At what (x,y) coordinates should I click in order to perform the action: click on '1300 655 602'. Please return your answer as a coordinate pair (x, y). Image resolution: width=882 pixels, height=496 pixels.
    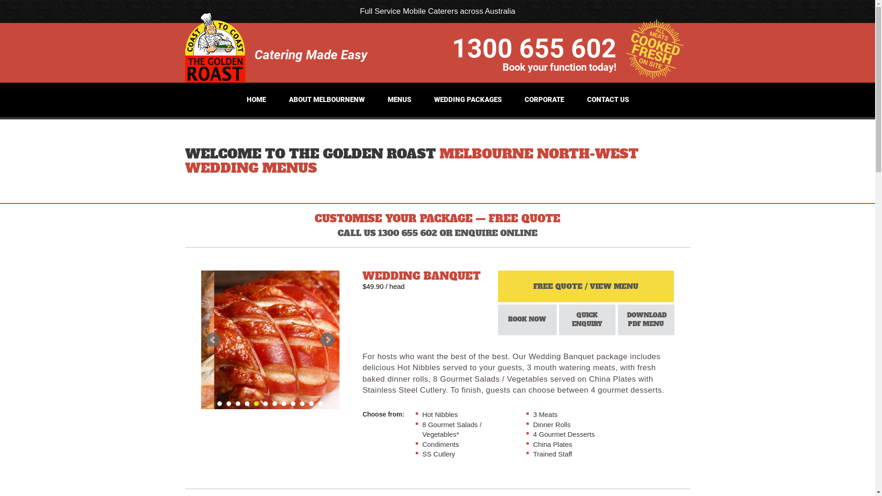
    Looking at the image, I should click on (534, 47).